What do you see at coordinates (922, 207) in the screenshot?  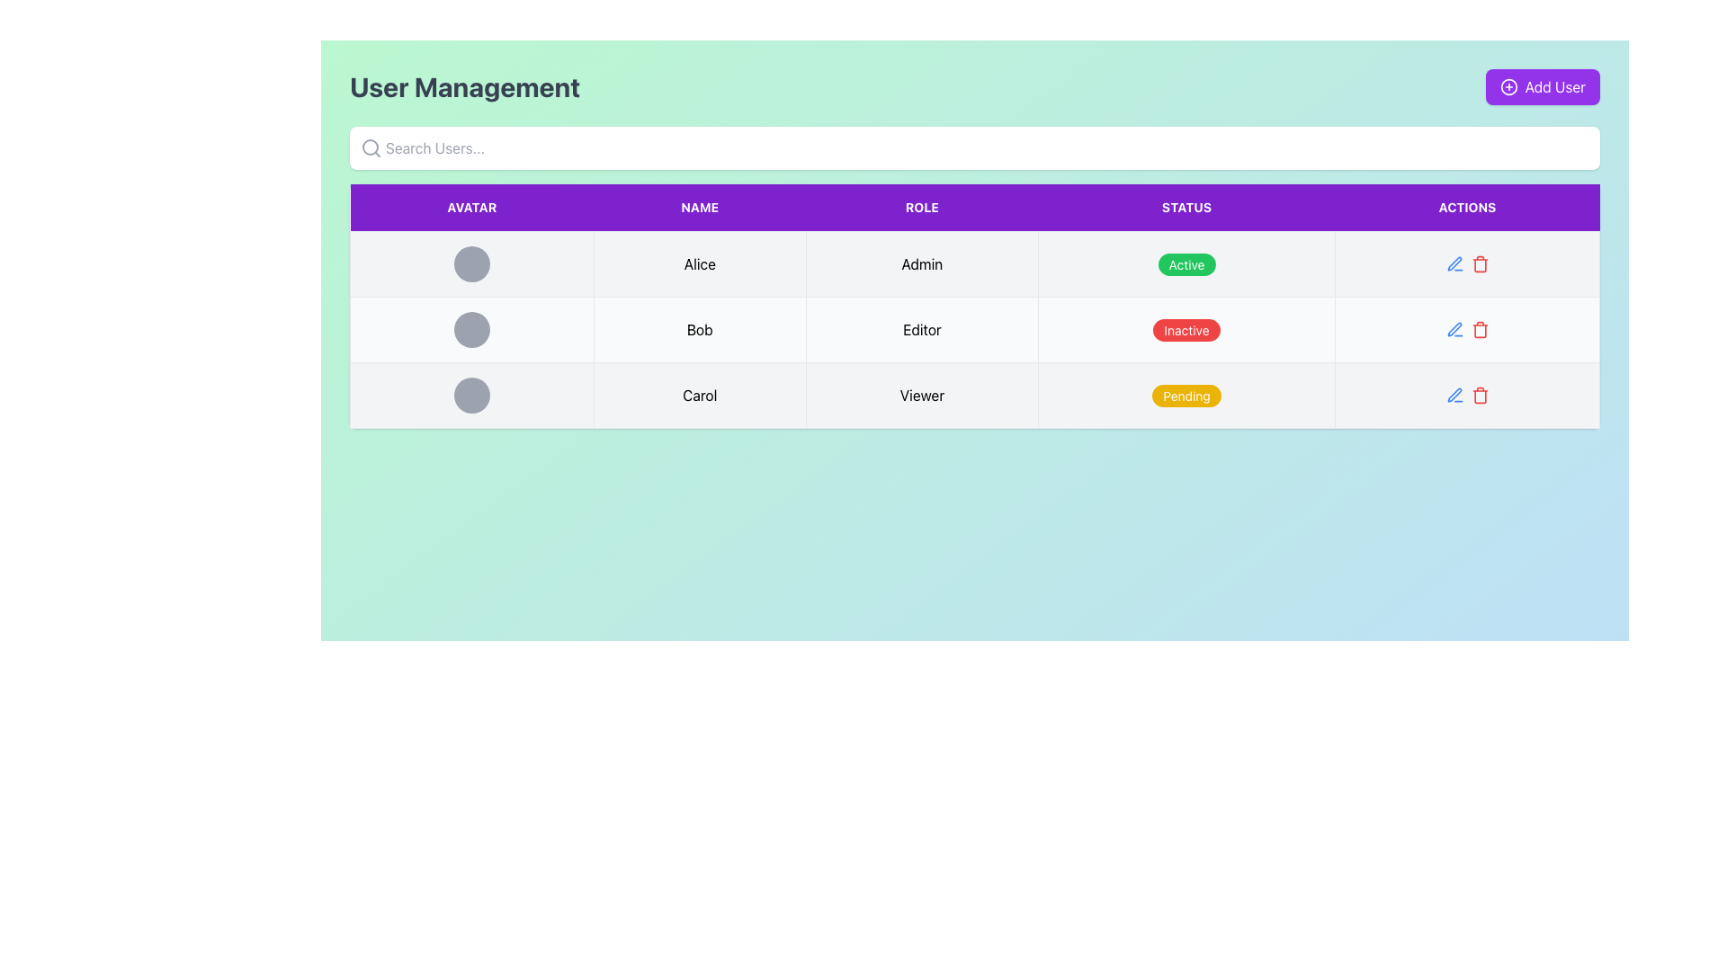 I see `the purple rectangular Table Header Cell labeled 'ROLE', which is the third cell in the header row of the table` at bounding box center [922, 207].